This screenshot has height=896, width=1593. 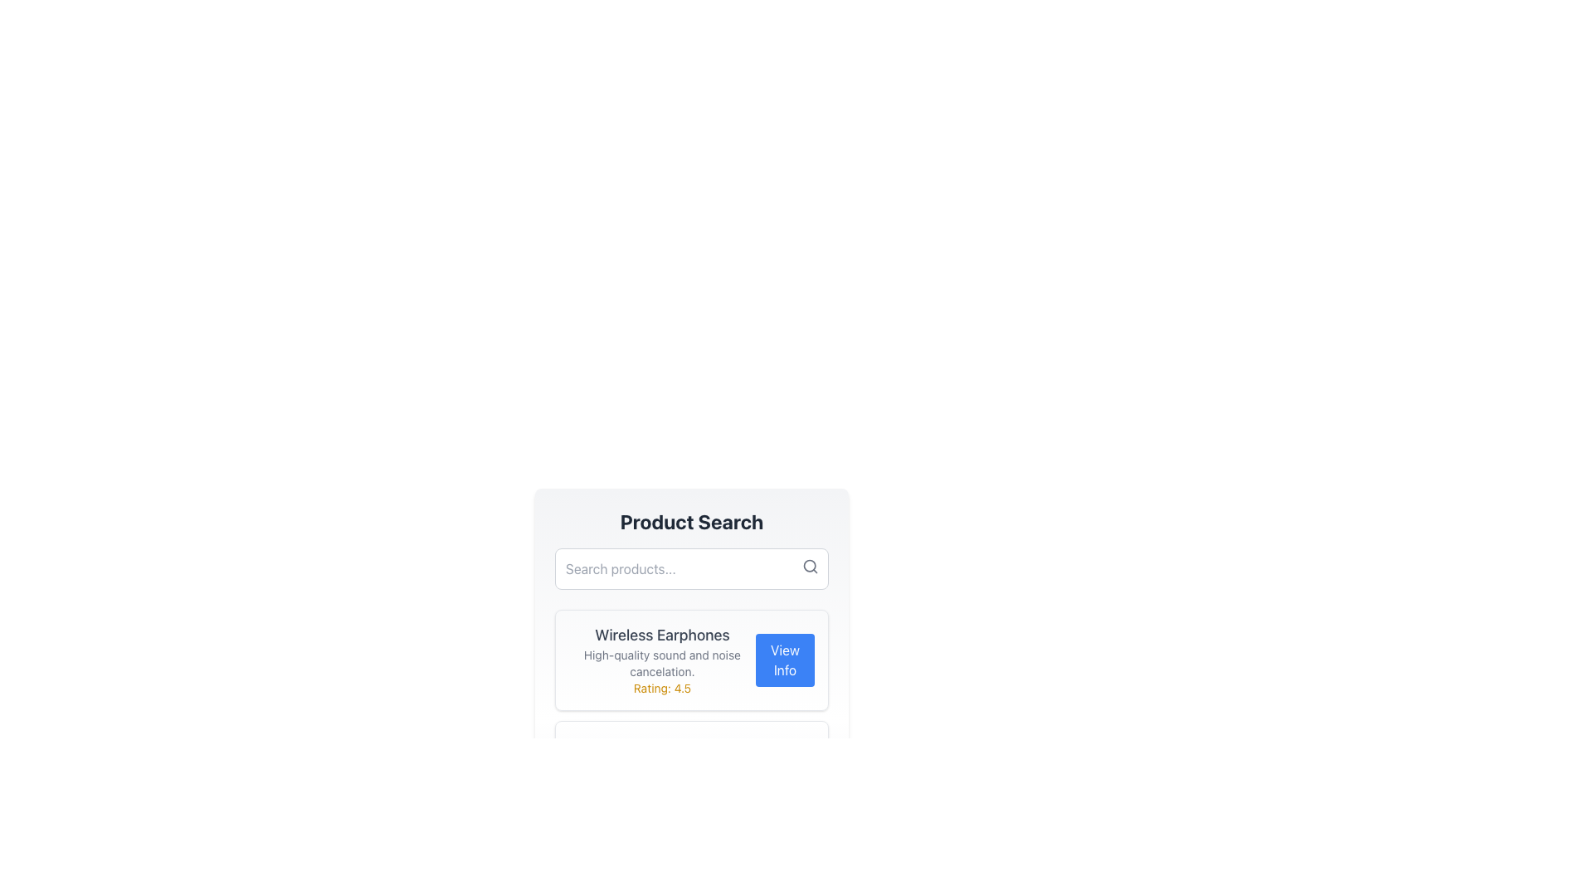 I want to click on text label displaying the rating 'Rating: 4.5' in yellow color, located beneath the product description for 'Wireless Earphones', so click(x=661, y=688).